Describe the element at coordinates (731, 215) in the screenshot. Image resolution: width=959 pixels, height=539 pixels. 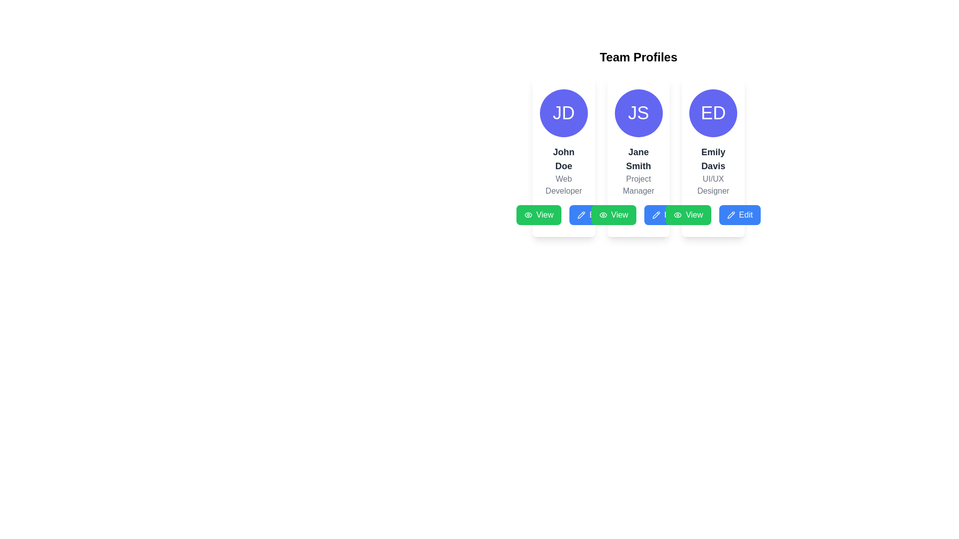
I see `the editing capability icon located to the left of the 'Edit' text label in the rightmost button of the three profiles, under the profile card for 'Emily Davis'` at that location.